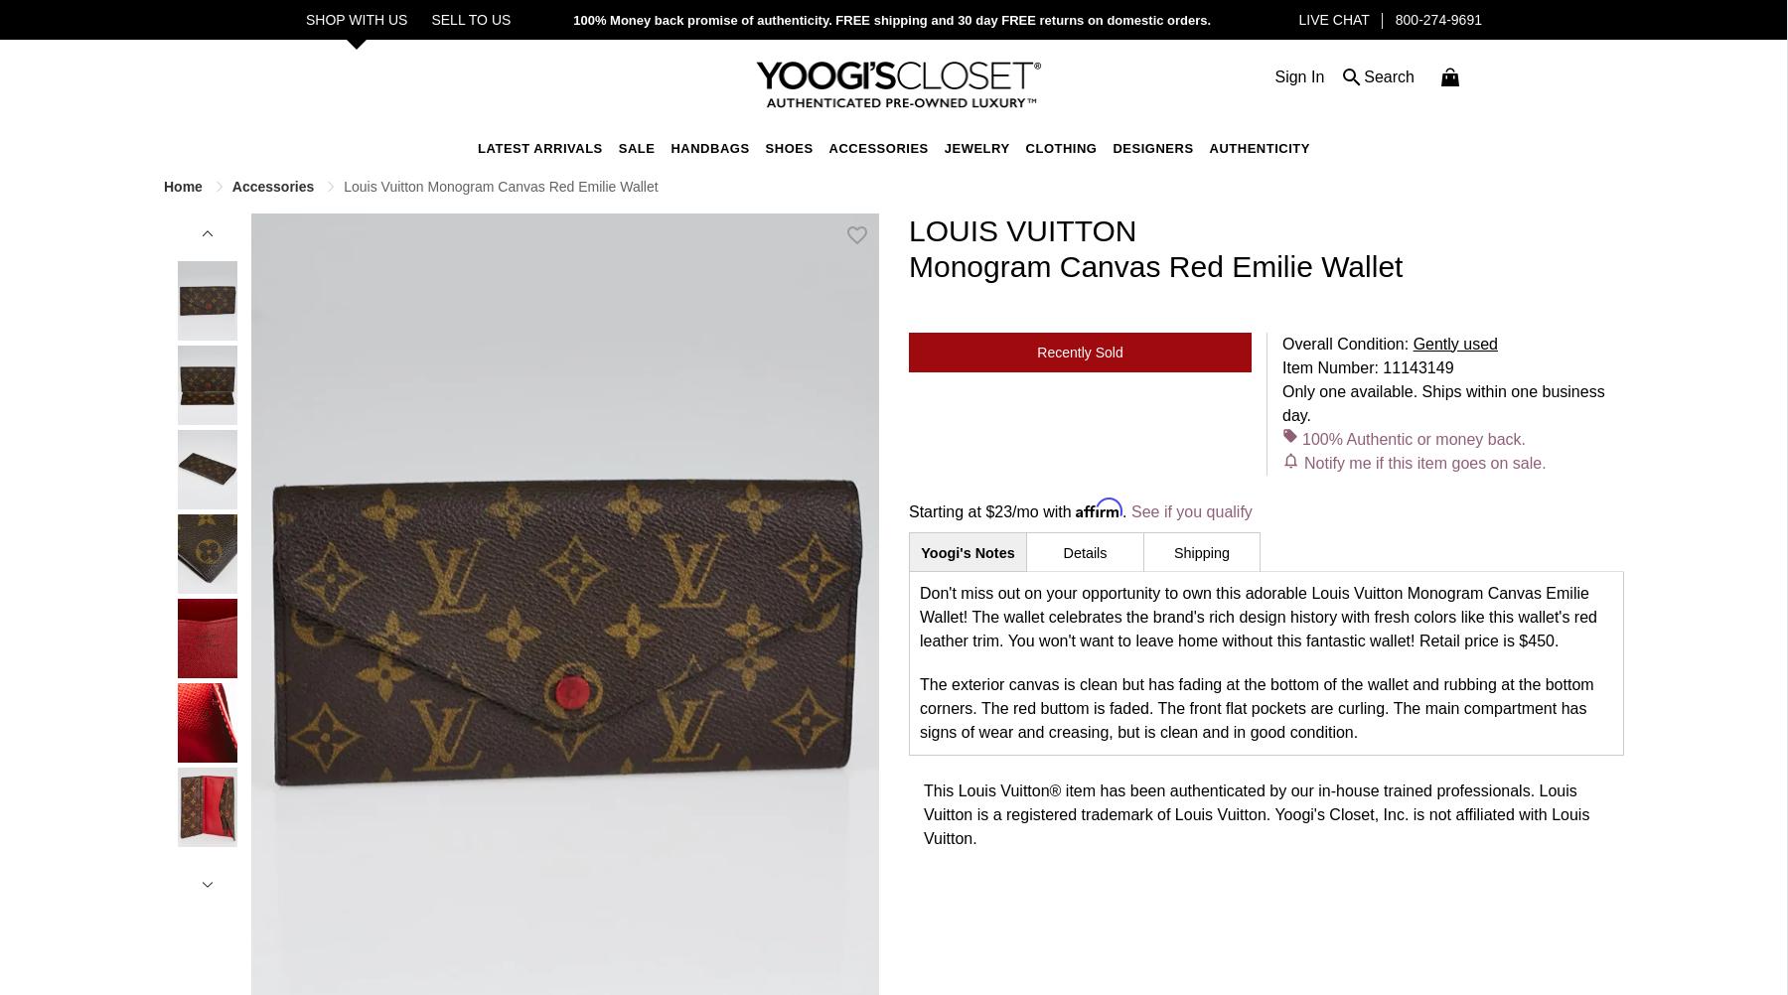 The height and width of the screenshot is (995, 1788). I want to click on 'Recently Sold', so click(1080, 352).